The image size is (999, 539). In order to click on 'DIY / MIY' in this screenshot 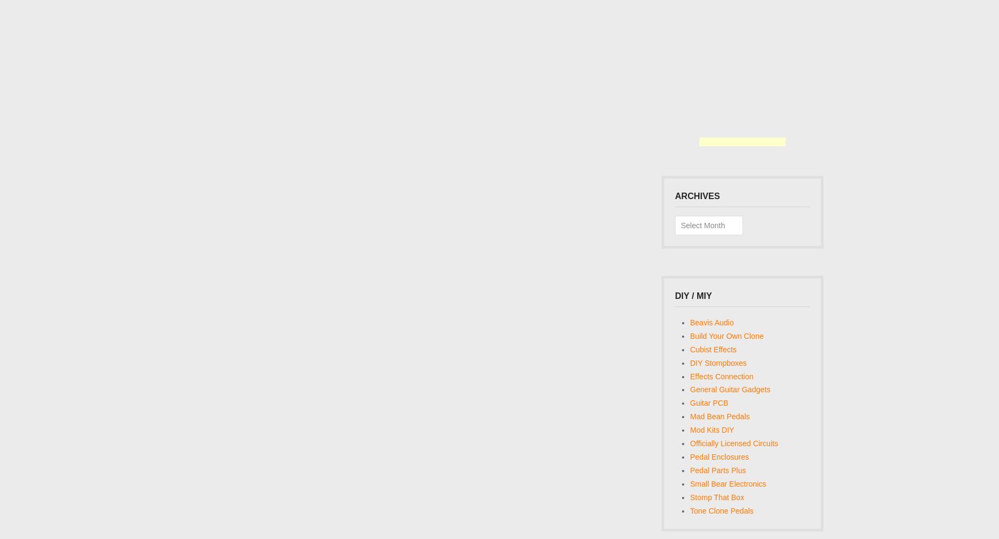, I will do `click(693, 295)`.